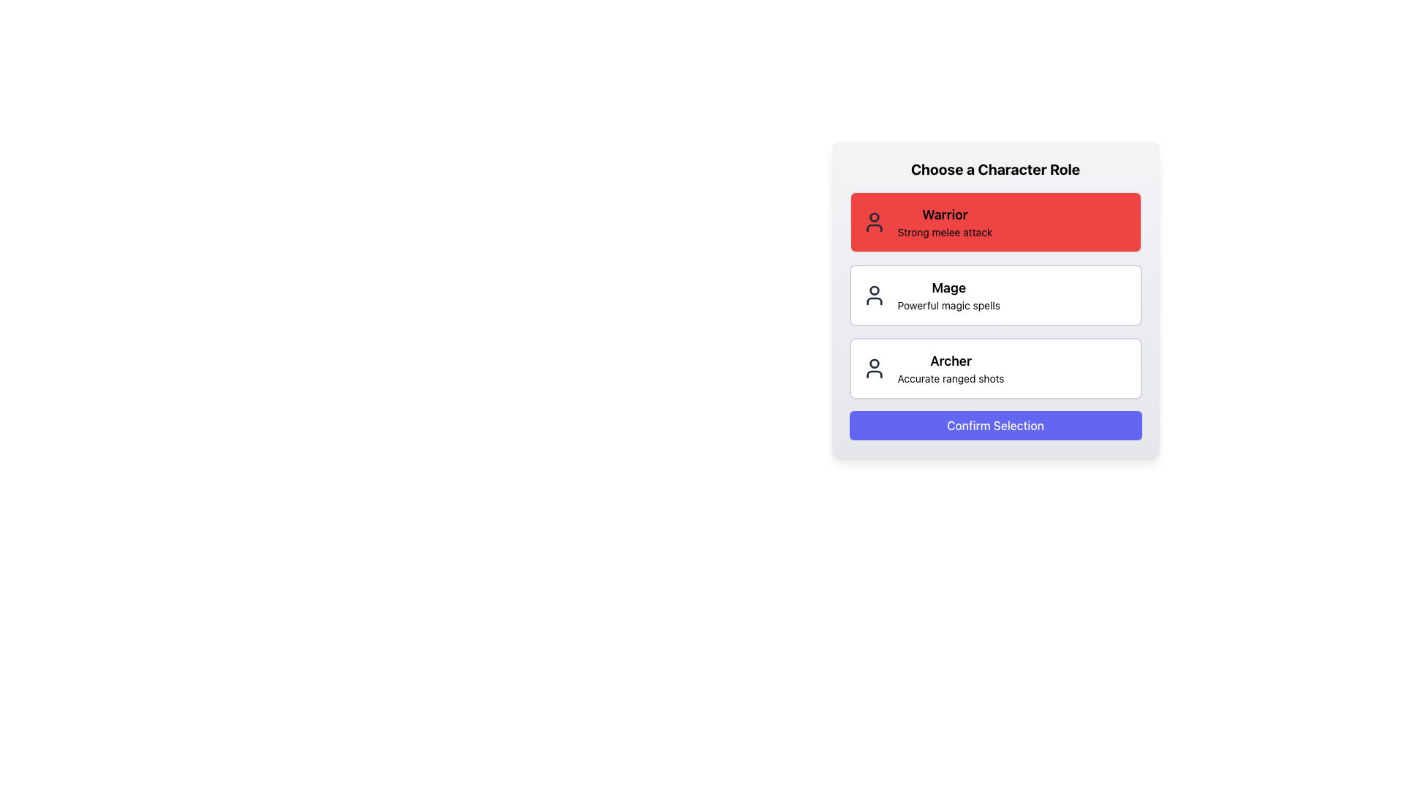 This screenshot has height=790, width=1404. What do you see at coordinates (874, 290) in the screenshot?
I see `the circular shape representing the head of the user icon associated with the 'Mage' option in the selection list` at bounding box center [874, 290].